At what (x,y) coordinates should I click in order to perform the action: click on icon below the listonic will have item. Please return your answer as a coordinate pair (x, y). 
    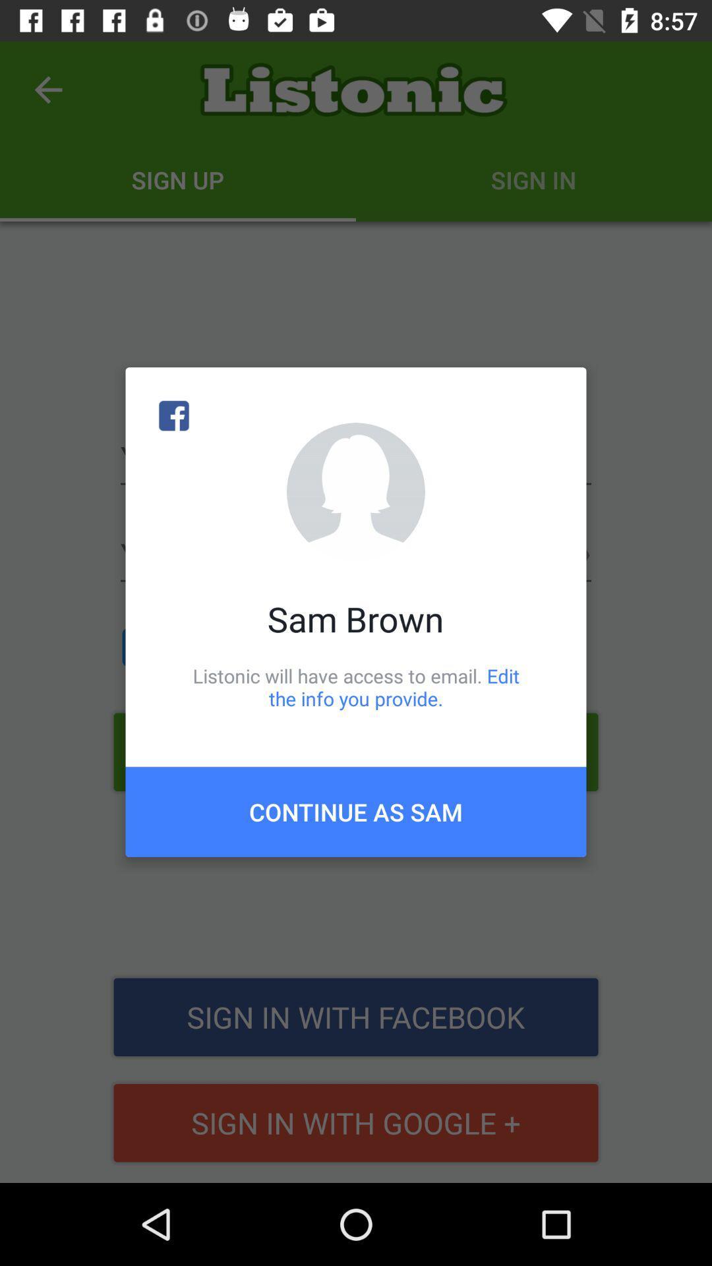
    Looking at the image, I should click on (356, 811).